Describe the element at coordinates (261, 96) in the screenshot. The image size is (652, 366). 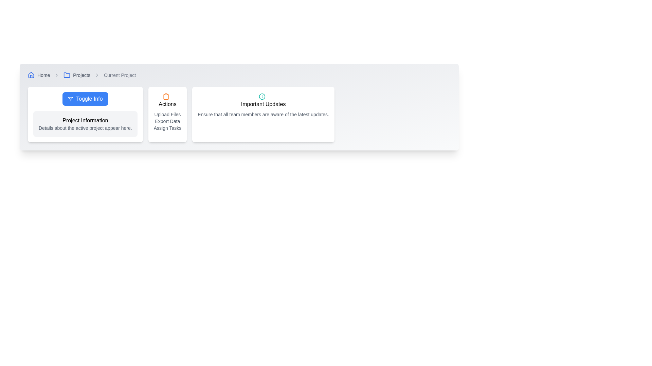
I see `the icon located at the top-left corner of the 'Important Updates' card, which serves as a visual indicator for that section` at that location.